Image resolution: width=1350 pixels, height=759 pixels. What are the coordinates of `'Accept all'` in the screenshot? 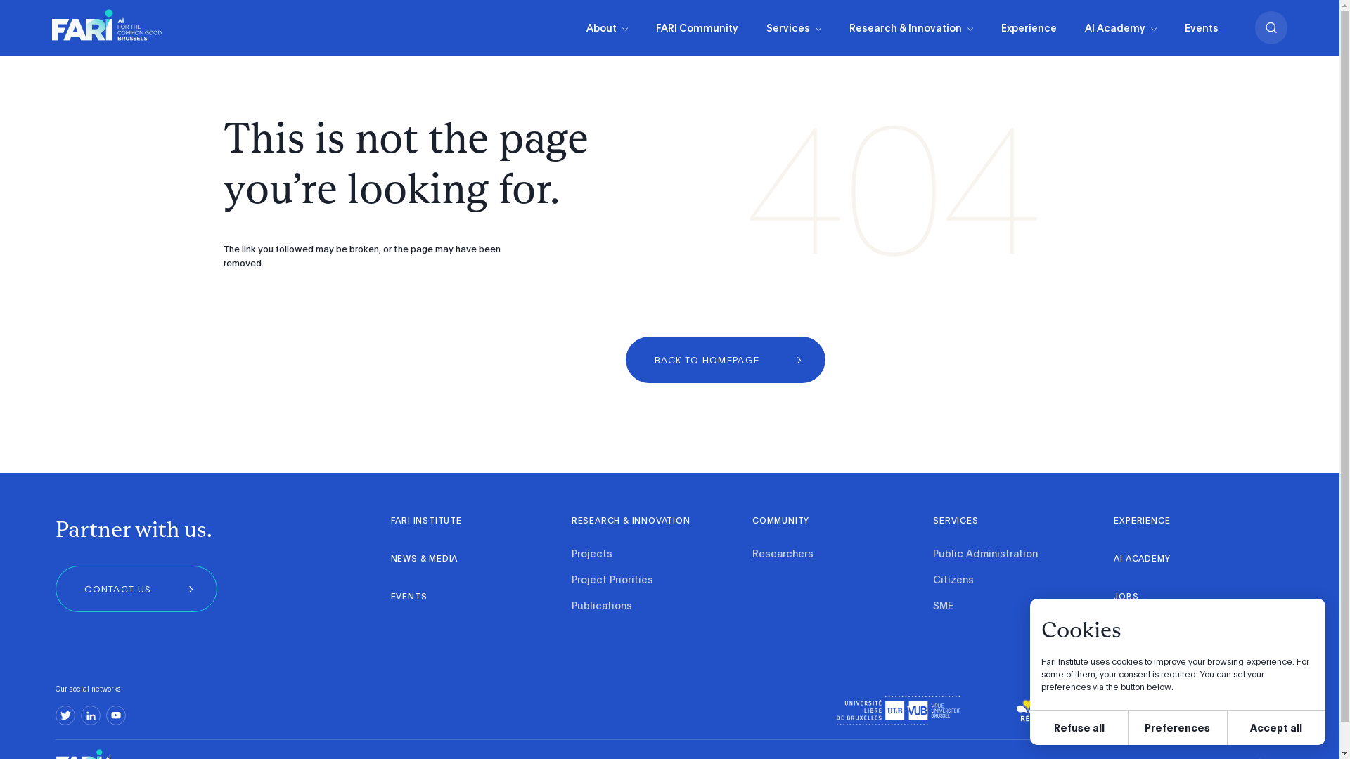 It's located at (1276, 727).